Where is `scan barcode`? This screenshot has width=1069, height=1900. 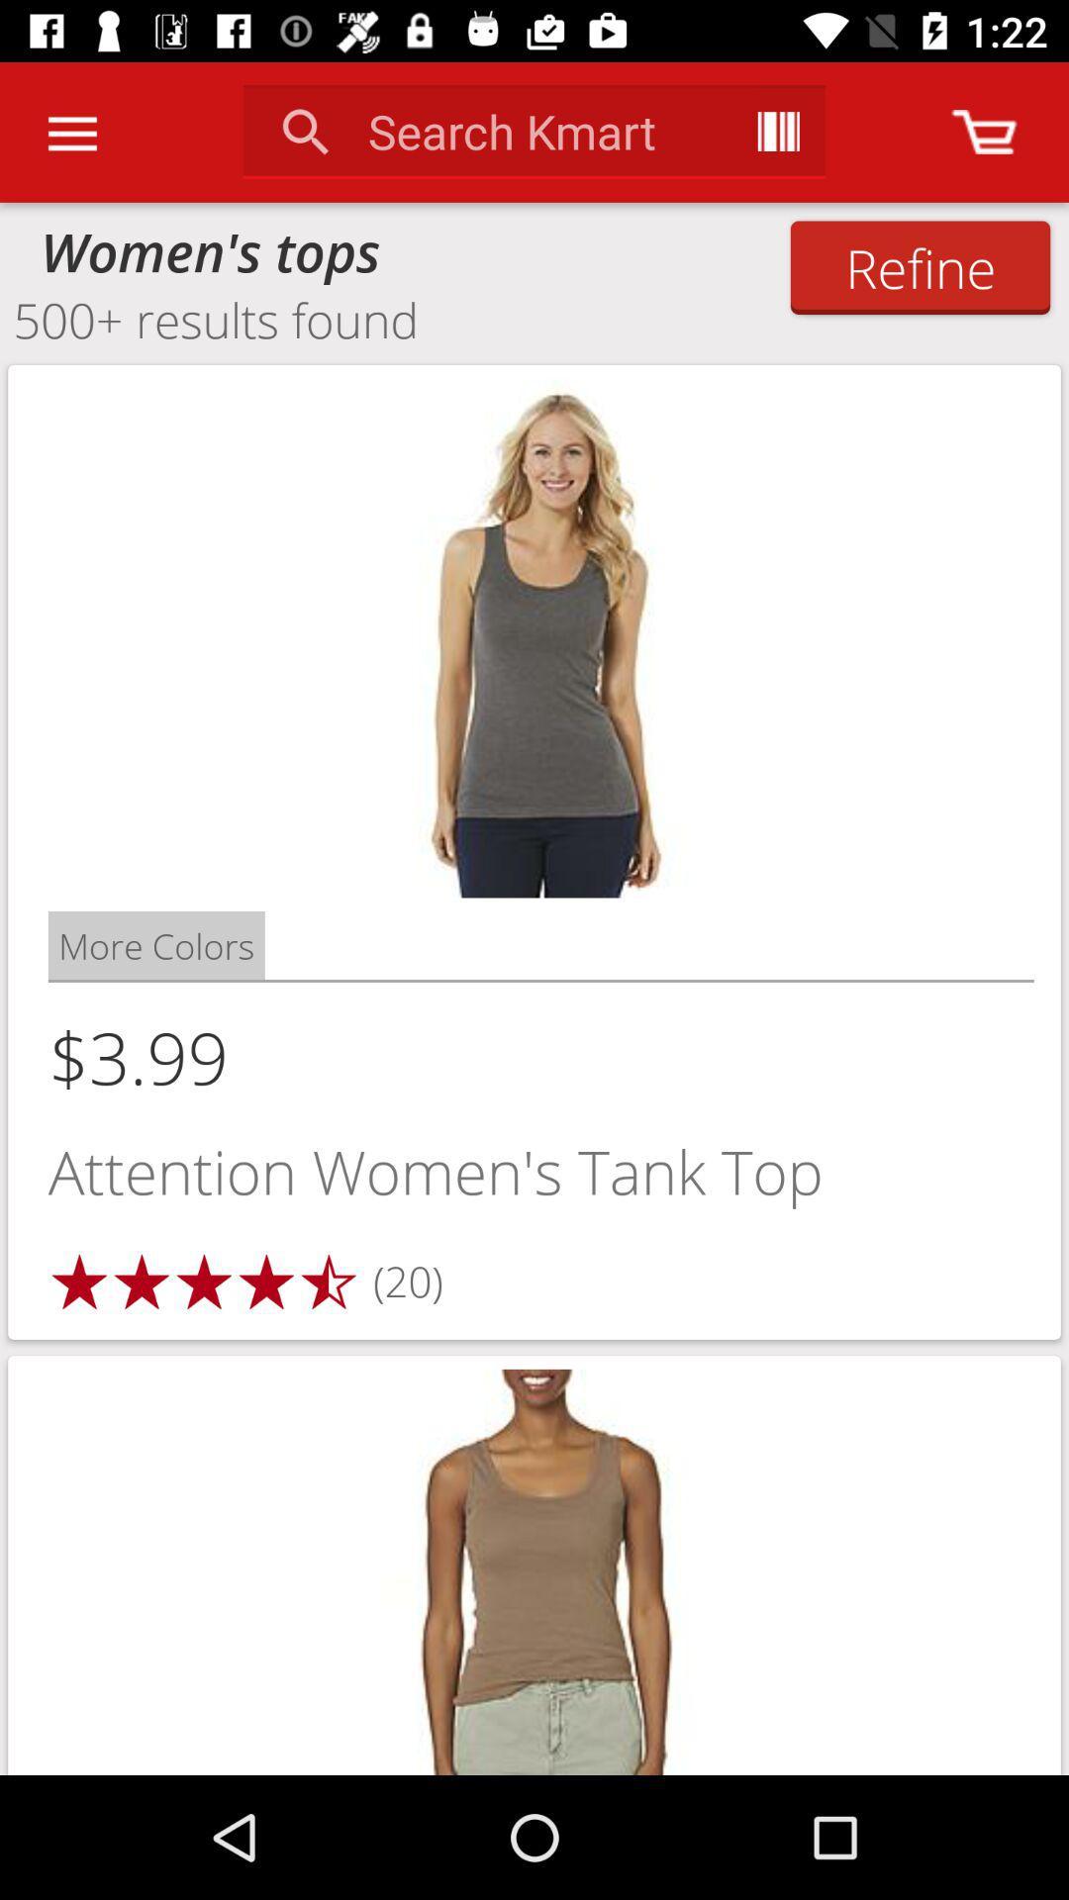
scan barcode is located at coordinates (777, 131).